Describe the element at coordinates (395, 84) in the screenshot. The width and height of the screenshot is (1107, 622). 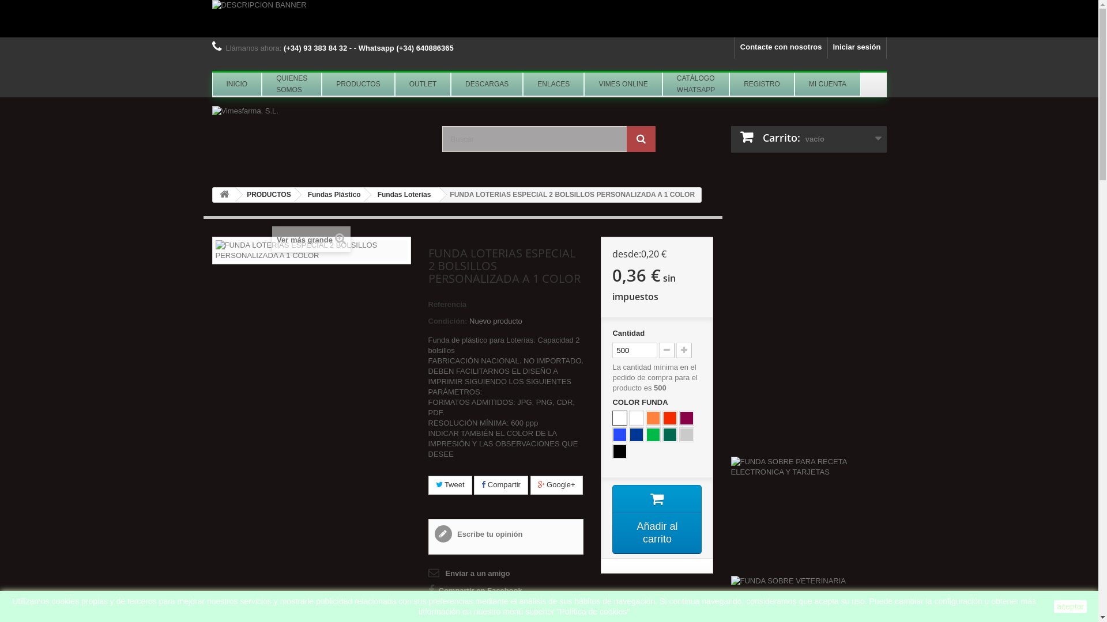
I see `'OUTLET'` at that location.